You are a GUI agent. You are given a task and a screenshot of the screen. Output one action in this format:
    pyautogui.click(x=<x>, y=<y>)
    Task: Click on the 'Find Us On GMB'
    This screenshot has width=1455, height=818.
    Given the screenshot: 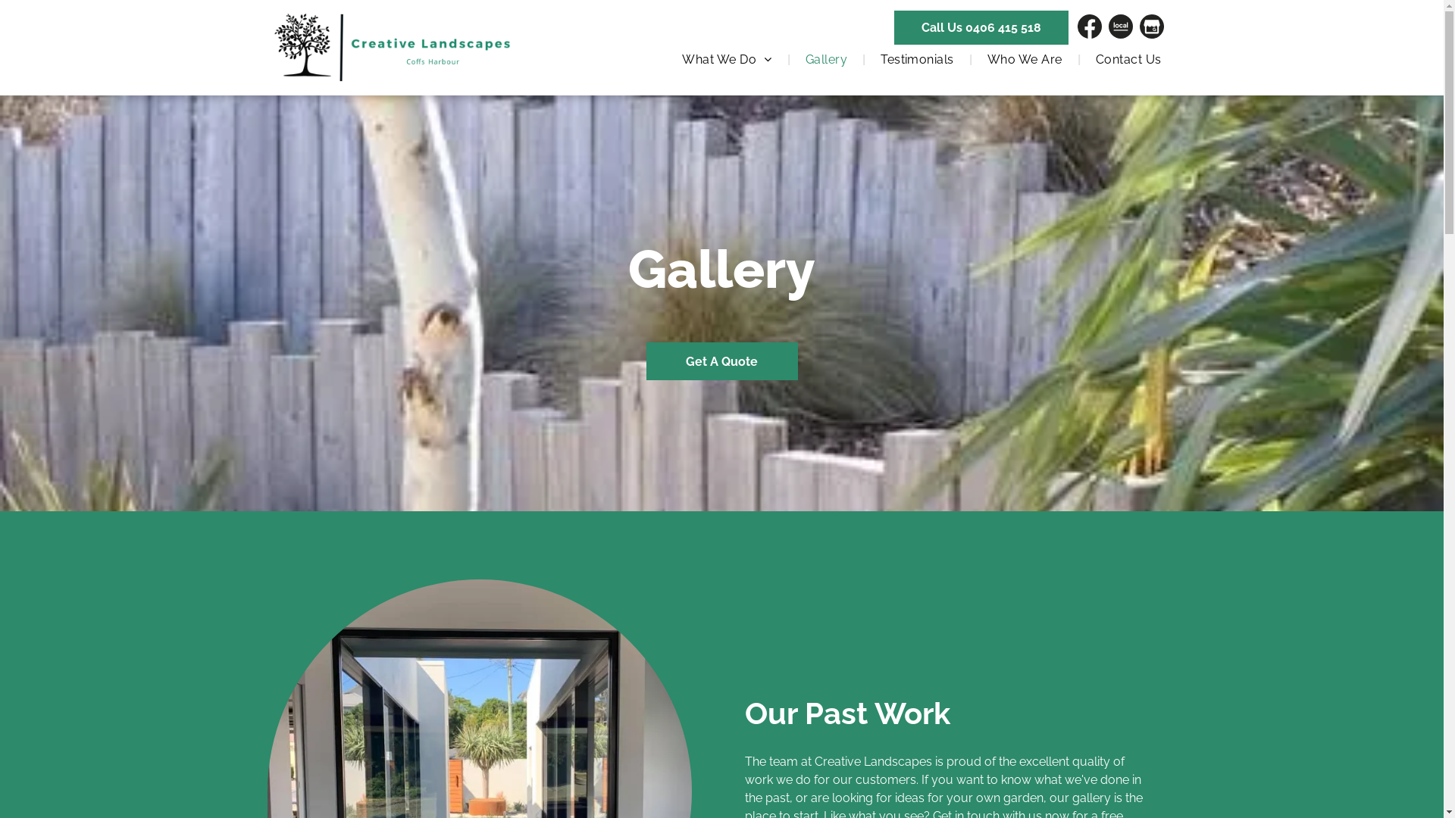 What is the action you would take?
    pyautogui.click(x=1152, y=26)
    